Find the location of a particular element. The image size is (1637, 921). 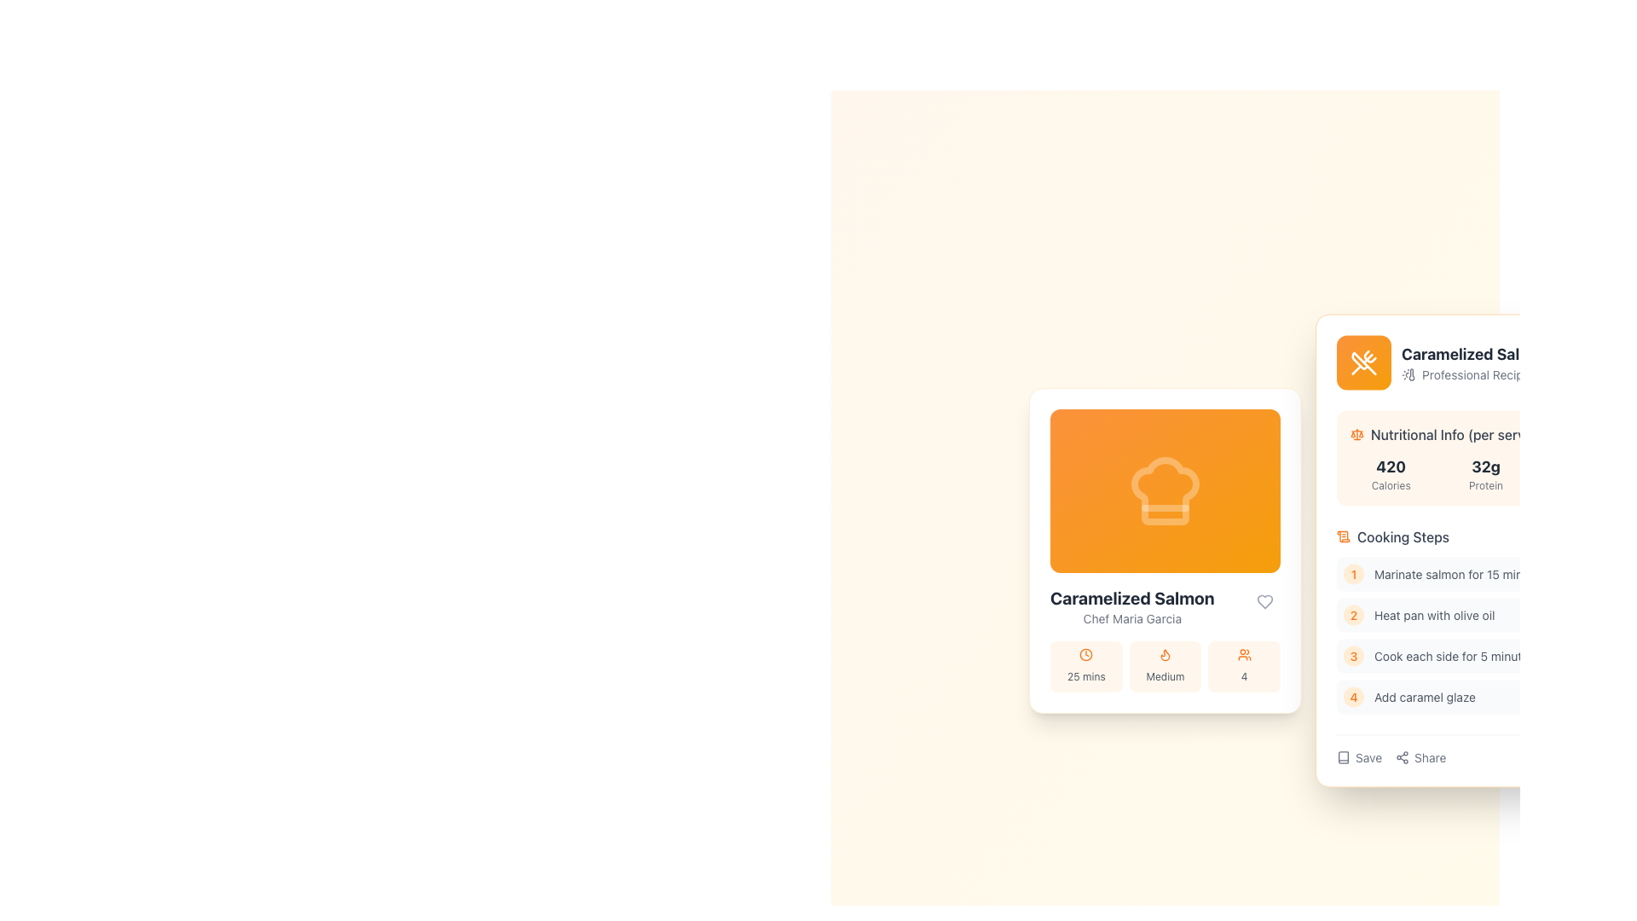

the first list item in the cooking steps, which features a circular icon with '1' in orange and the text 'Marinate salmon for 15 minutes' in gray is located at coordinates (1484, 574).